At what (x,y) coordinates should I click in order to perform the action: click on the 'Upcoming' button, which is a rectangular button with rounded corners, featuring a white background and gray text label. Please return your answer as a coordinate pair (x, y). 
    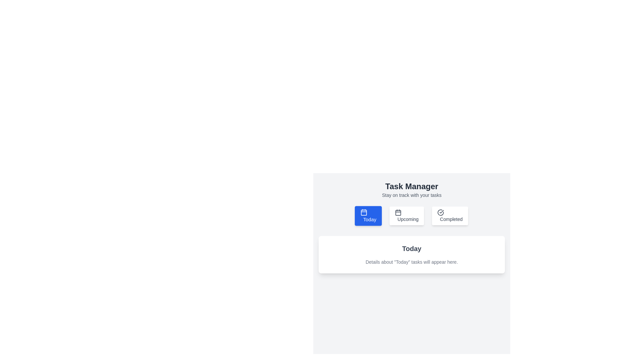
    Looking at the image, I should click on (406, 216).